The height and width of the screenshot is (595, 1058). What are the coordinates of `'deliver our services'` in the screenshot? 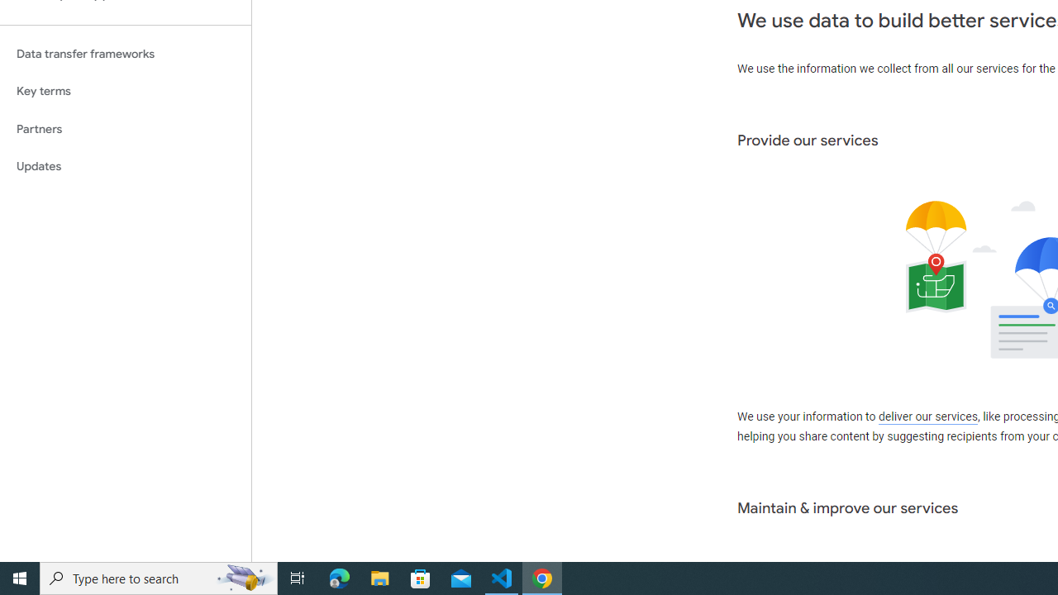 It's located at (927, 416).